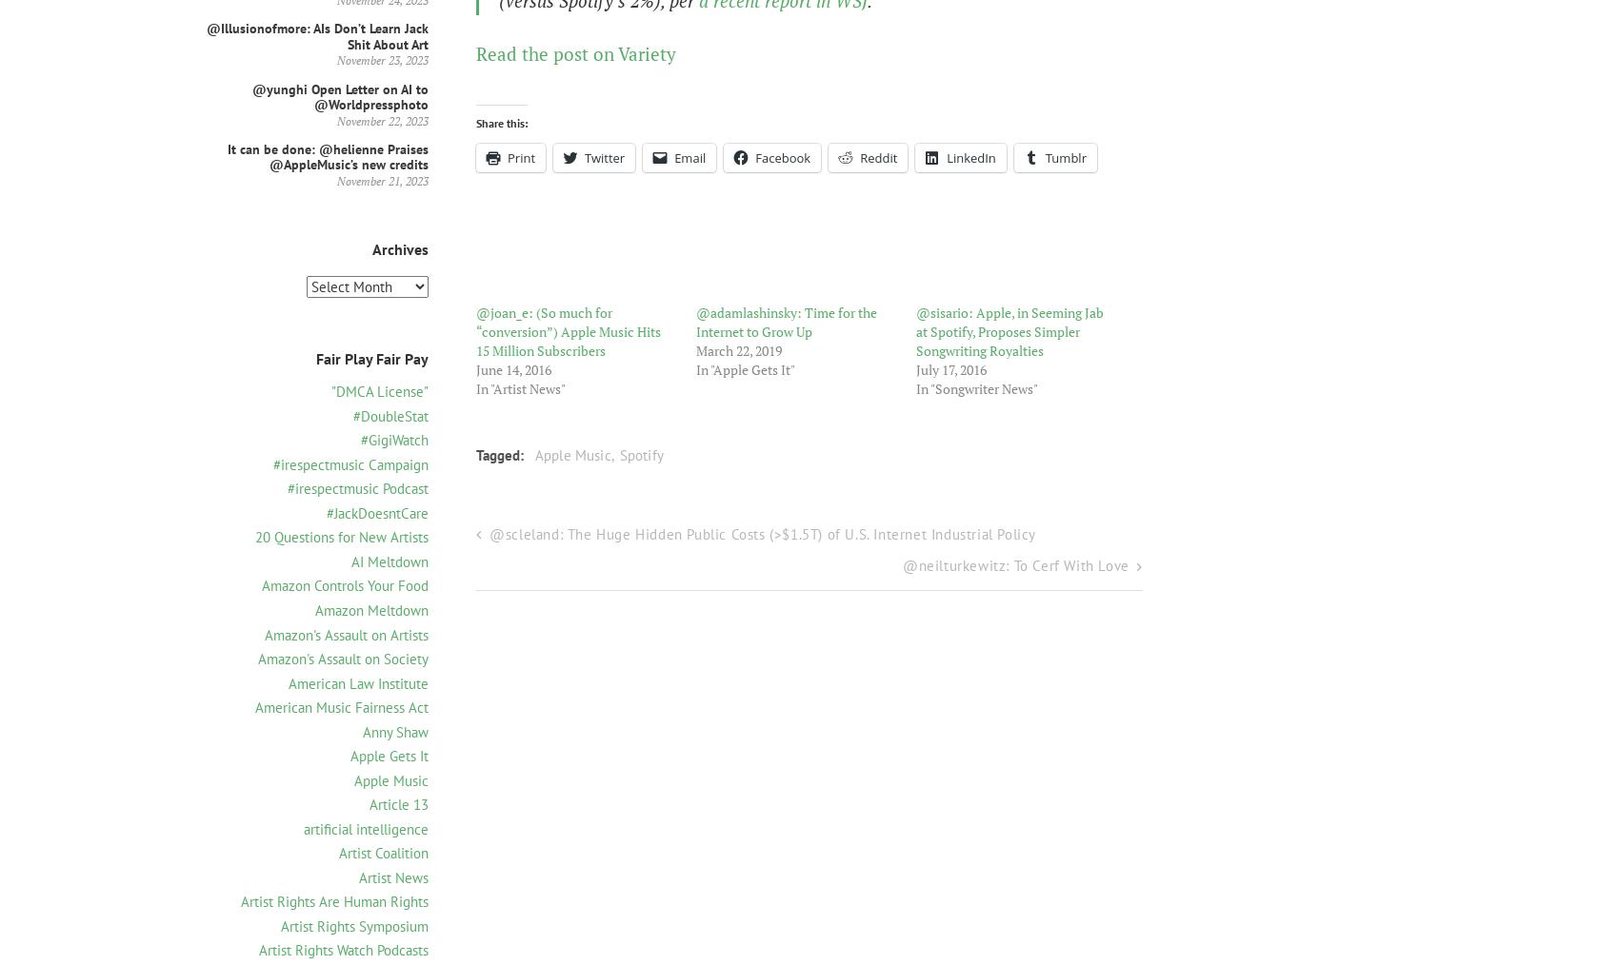  Describe the element at coordinates (342, 658) in the screenshot. I see `'Amazon's Assault on Society'` at that location.